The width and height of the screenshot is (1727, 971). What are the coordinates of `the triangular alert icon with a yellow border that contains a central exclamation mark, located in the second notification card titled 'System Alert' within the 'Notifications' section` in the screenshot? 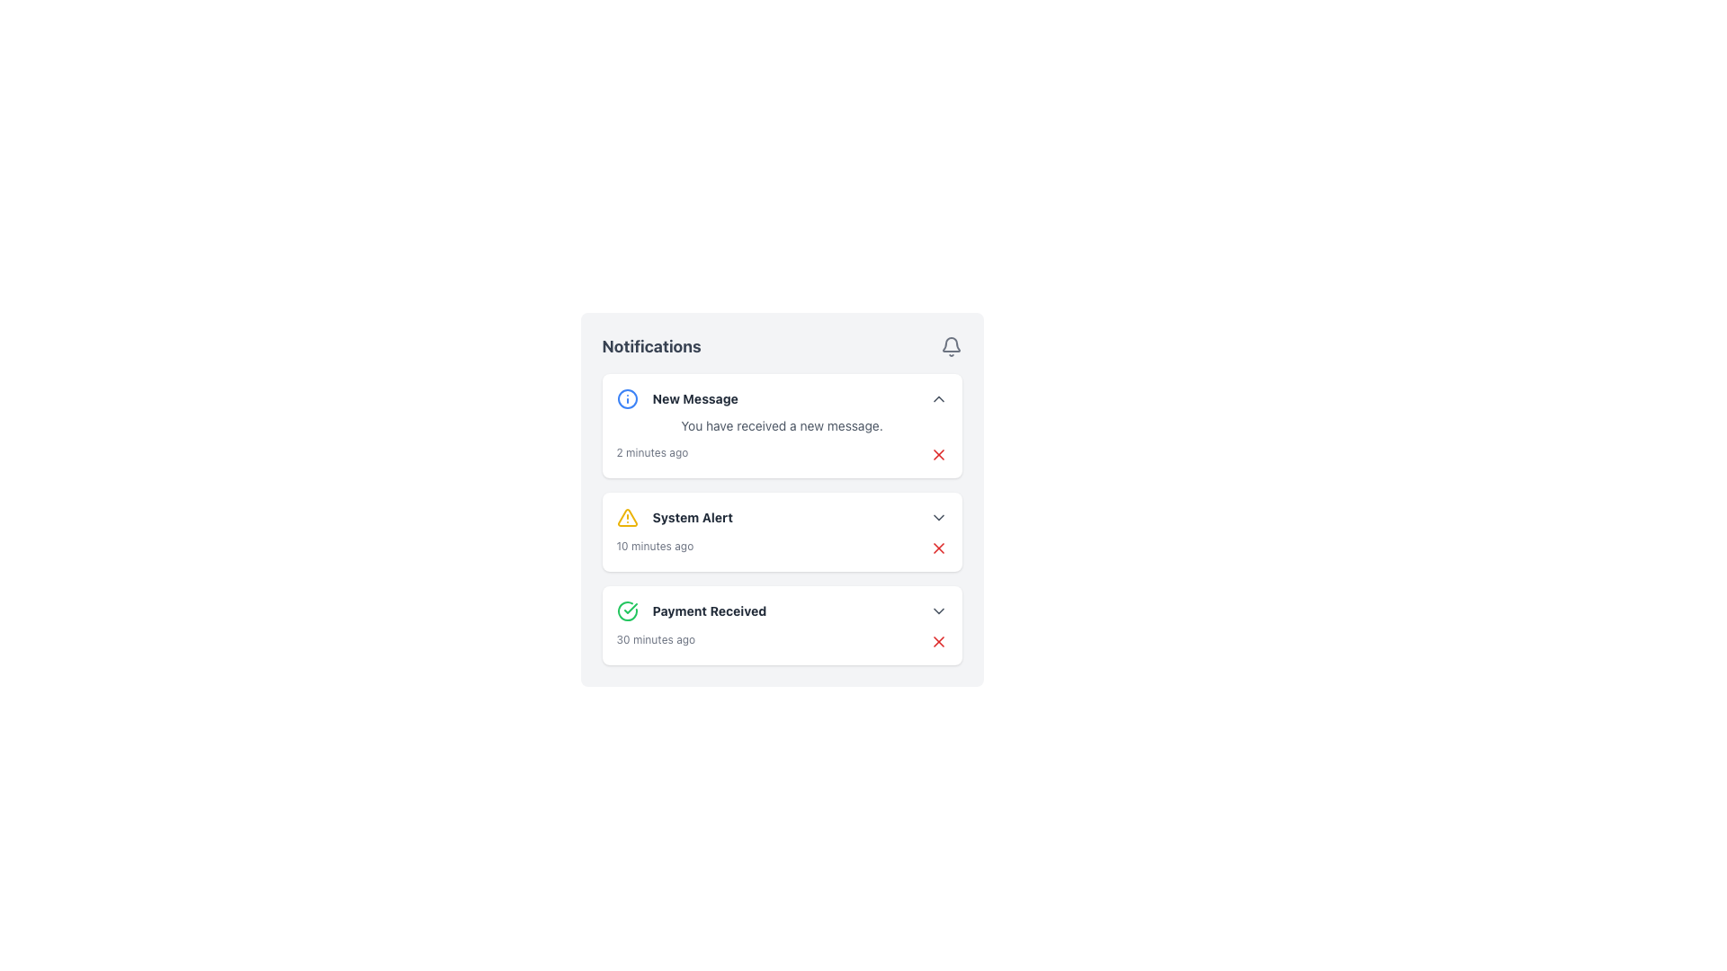 It's located at (627, 517).